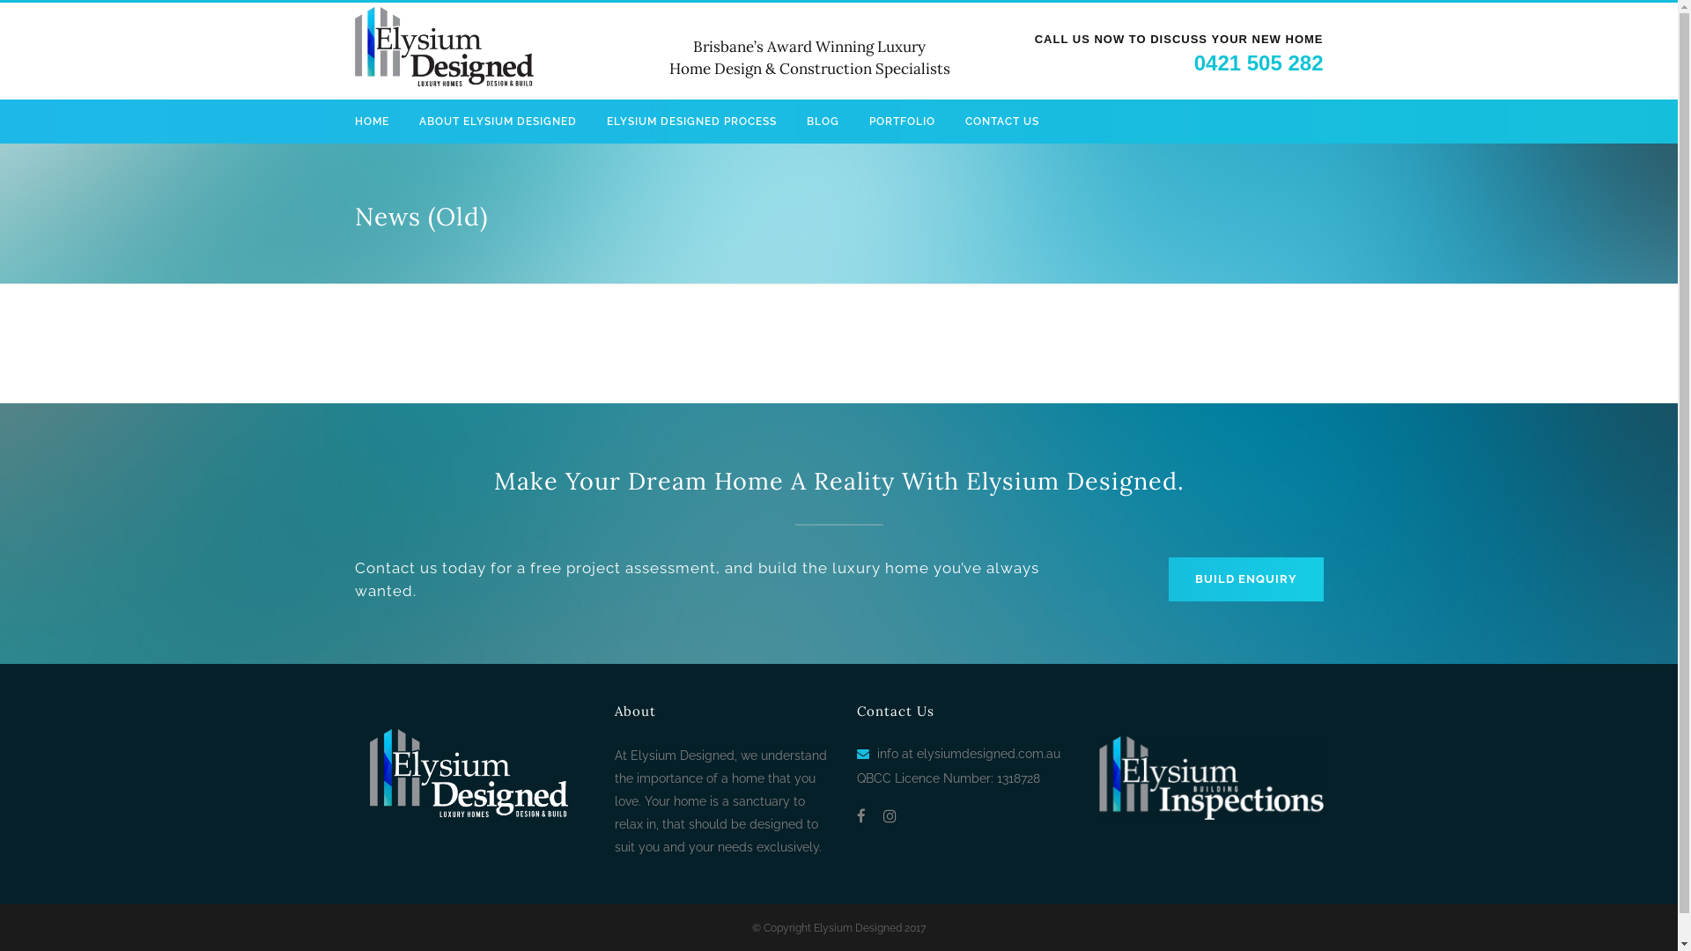  Describe the element at coordinates (378, 121) in the screenshot. I see `'HOME'` at that location.